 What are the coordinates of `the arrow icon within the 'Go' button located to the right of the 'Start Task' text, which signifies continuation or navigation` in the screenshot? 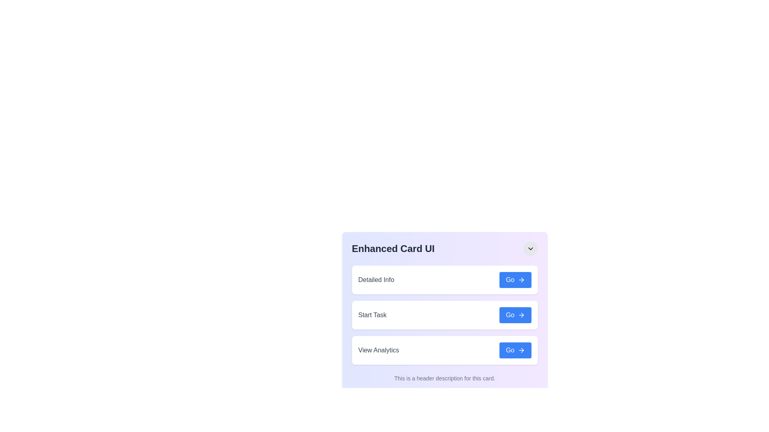 It's located at (521, 314).